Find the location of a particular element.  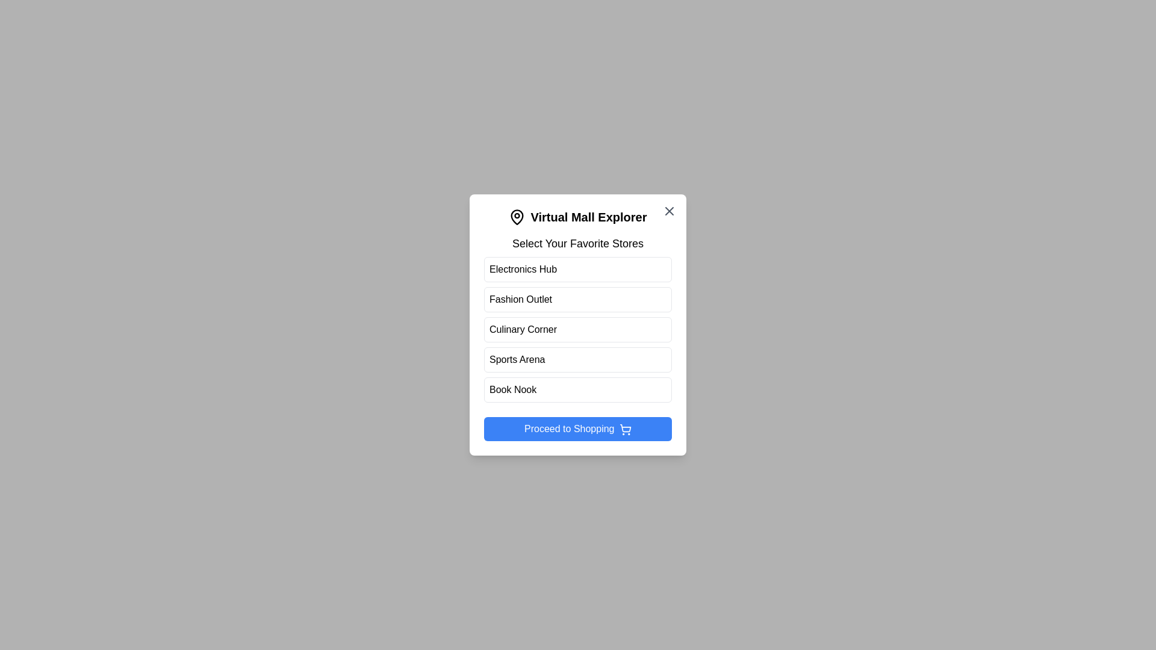

the label displaying 'Sports Arena' located in the fourth row of the list under 'Select Your Favorite Stores' is located at coordinates (517, 359).